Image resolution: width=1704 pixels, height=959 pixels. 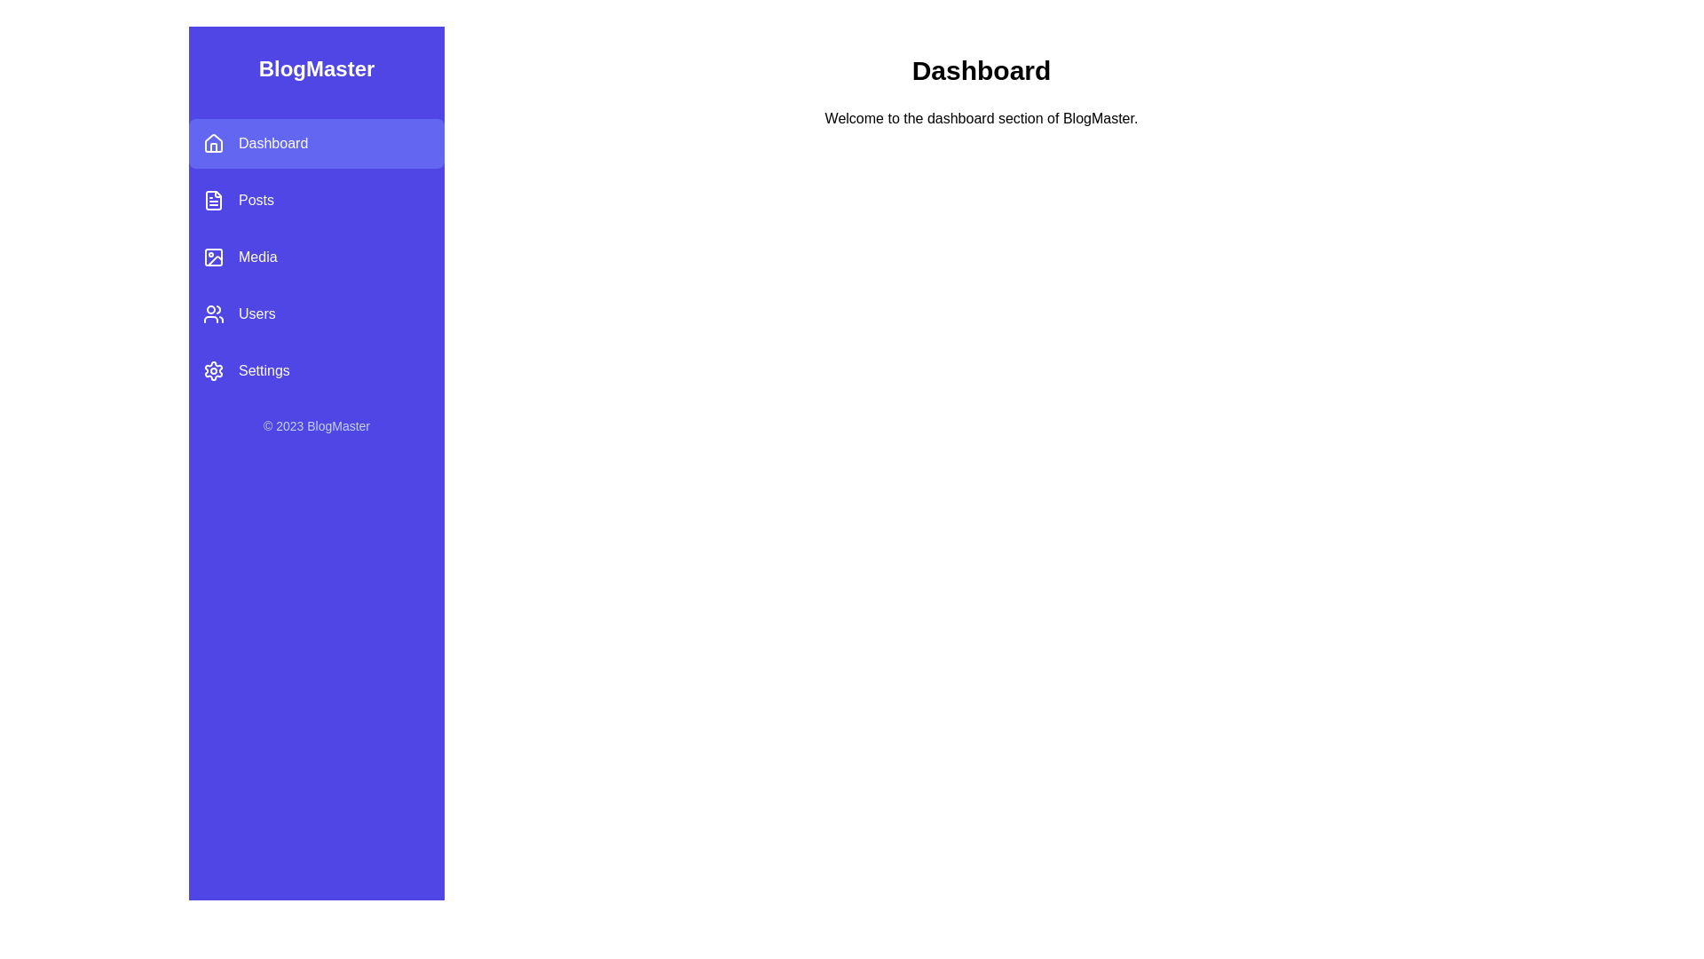 I want to click on the Text Label at the top of the sidebar, which serves as a title or branding label for the application, so click(x=316, y=67).